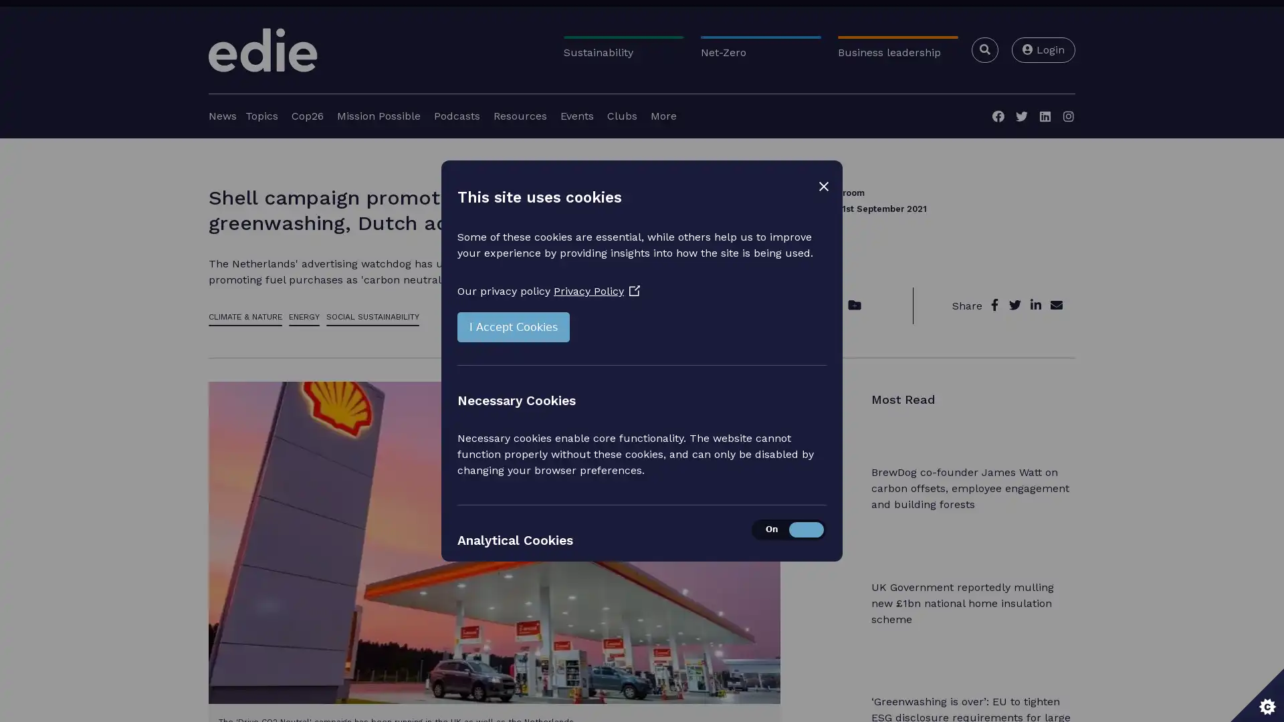 The height and width of the screenshot is (722, 1284). Describe the element at coordinates (513, 326) in the screenshot. I see `I Accept Cookies` at that location.